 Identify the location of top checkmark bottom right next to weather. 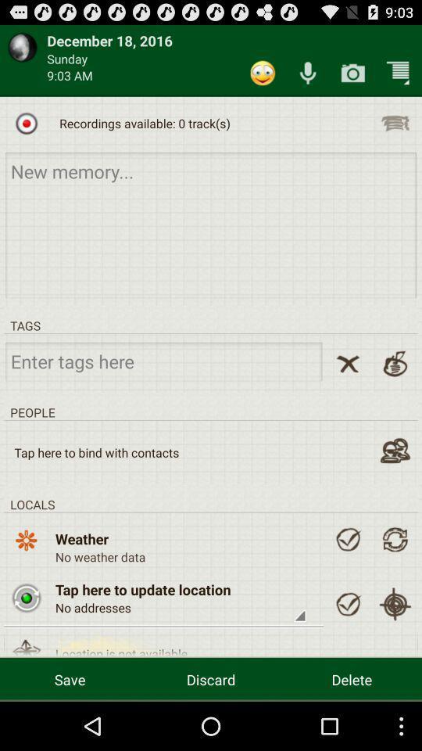
(348, 539).